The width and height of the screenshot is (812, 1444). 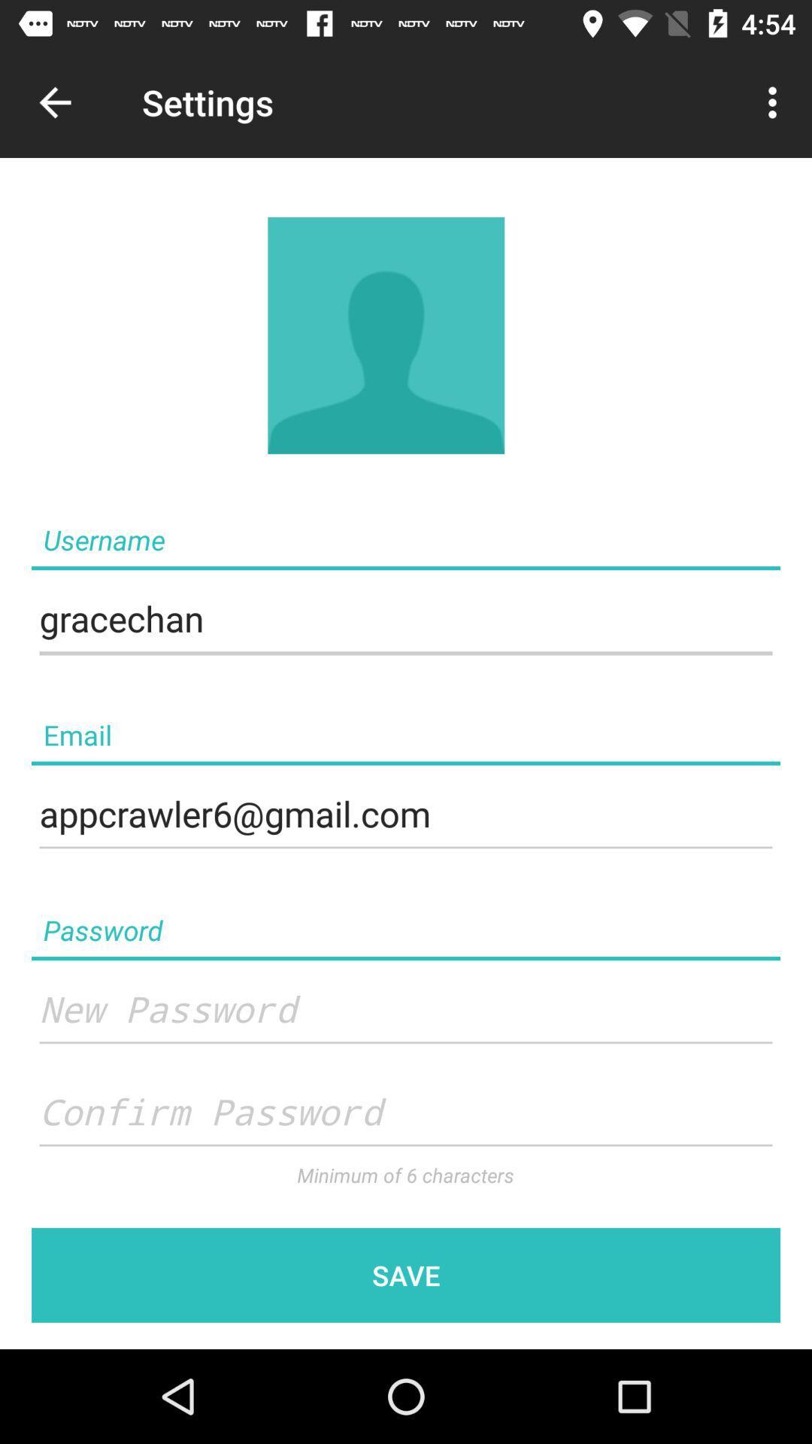 What do you see at coordinates (406, 814) in the screenshot?
I see `text field which is below email on page` at bounding box center [406, 814].